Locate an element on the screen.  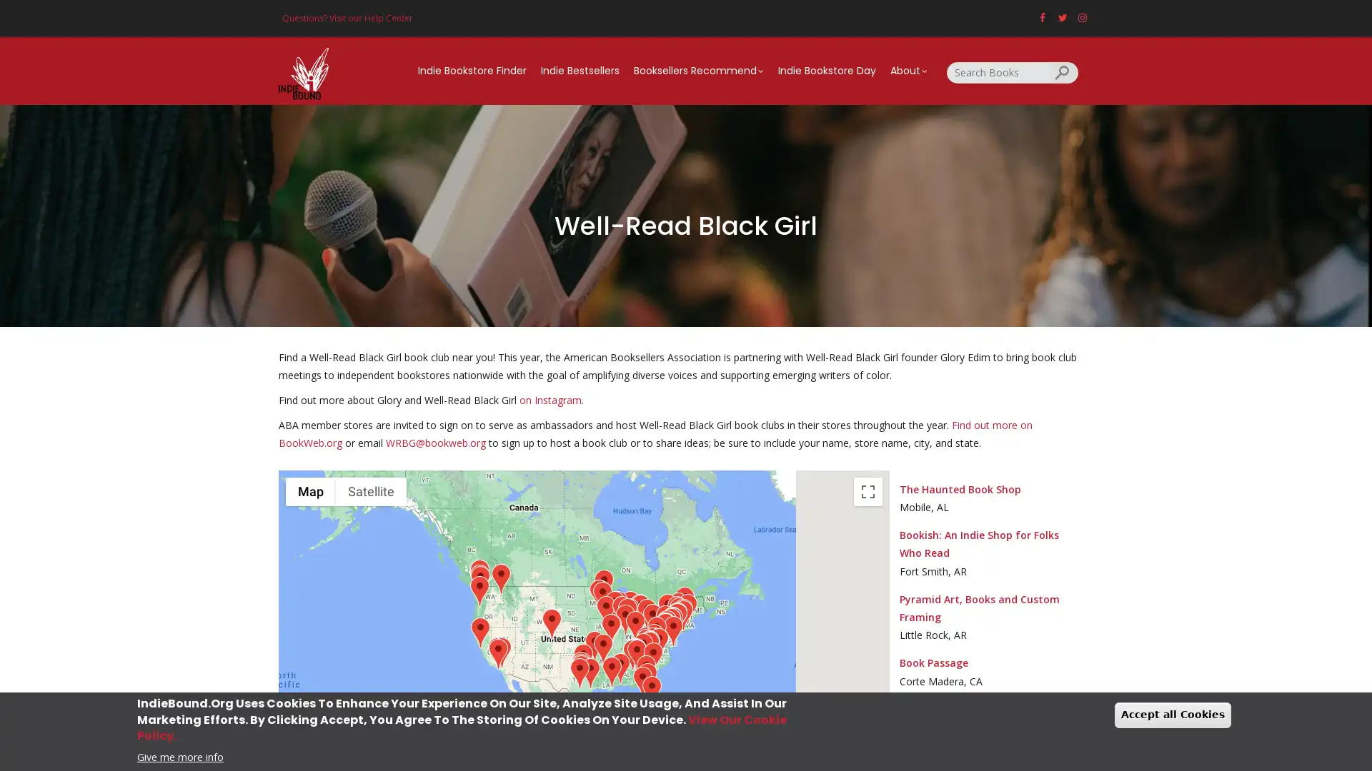
Only With Love Books is located at coordinates (635, 652).